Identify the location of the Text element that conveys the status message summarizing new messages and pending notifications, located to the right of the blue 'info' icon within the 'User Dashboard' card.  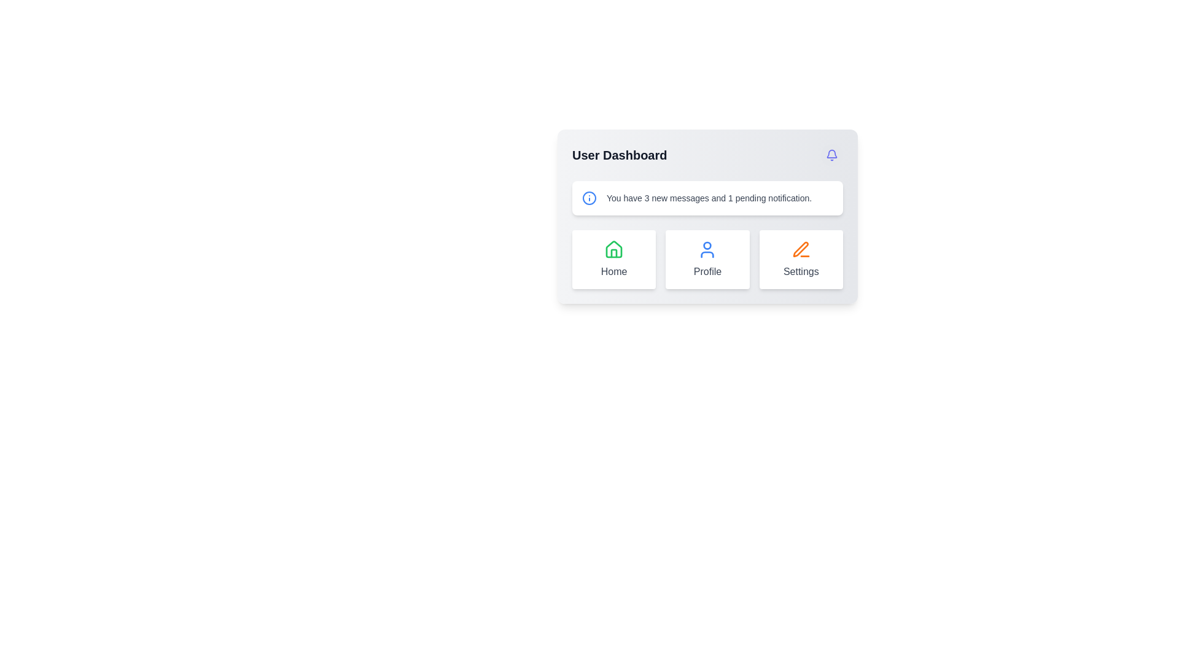
(709, 198).